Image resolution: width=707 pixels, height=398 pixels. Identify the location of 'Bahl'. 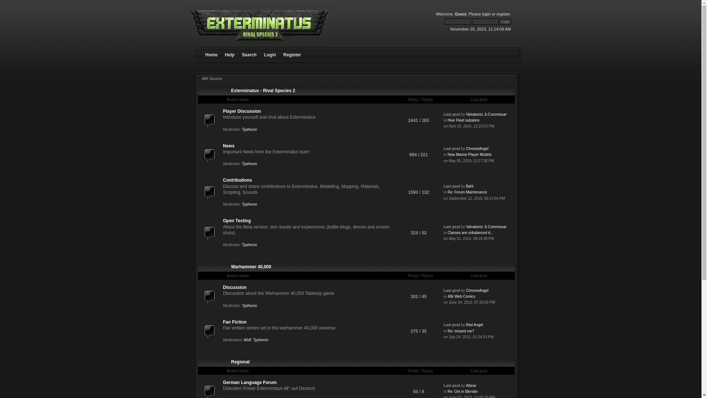
(469, 186).